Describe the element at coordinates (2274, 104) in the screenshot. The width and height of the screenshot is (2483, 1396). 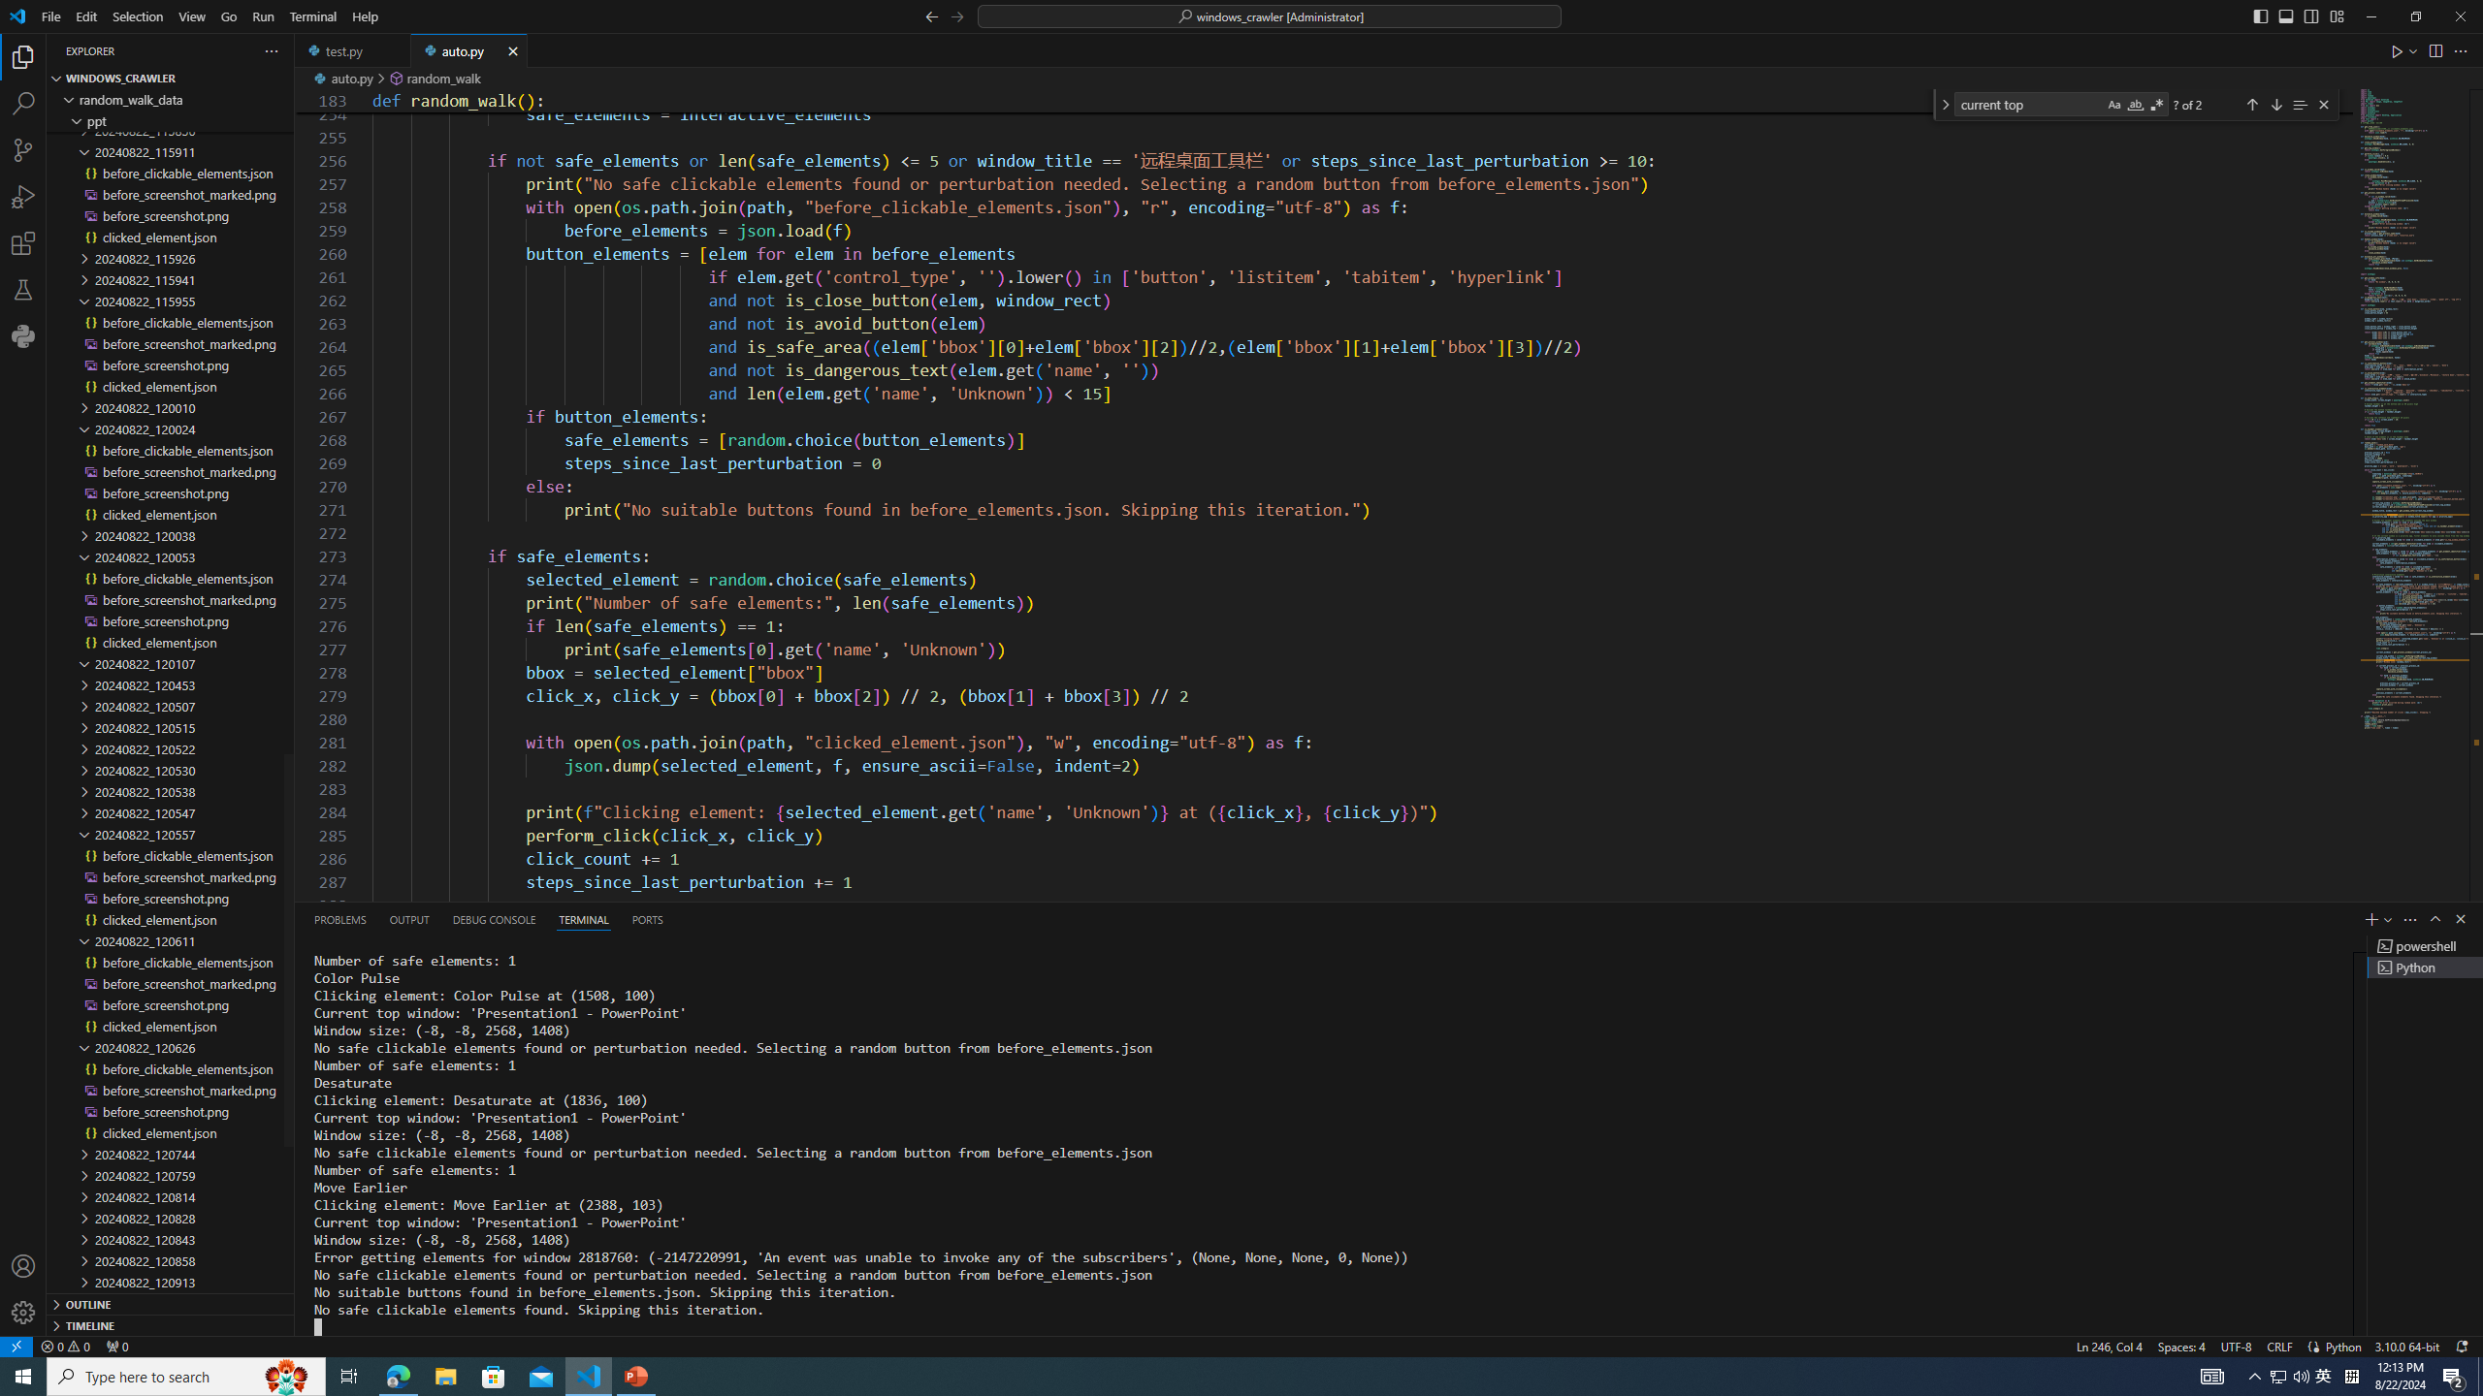
I see `'Next Match (Enter)'` at that location.